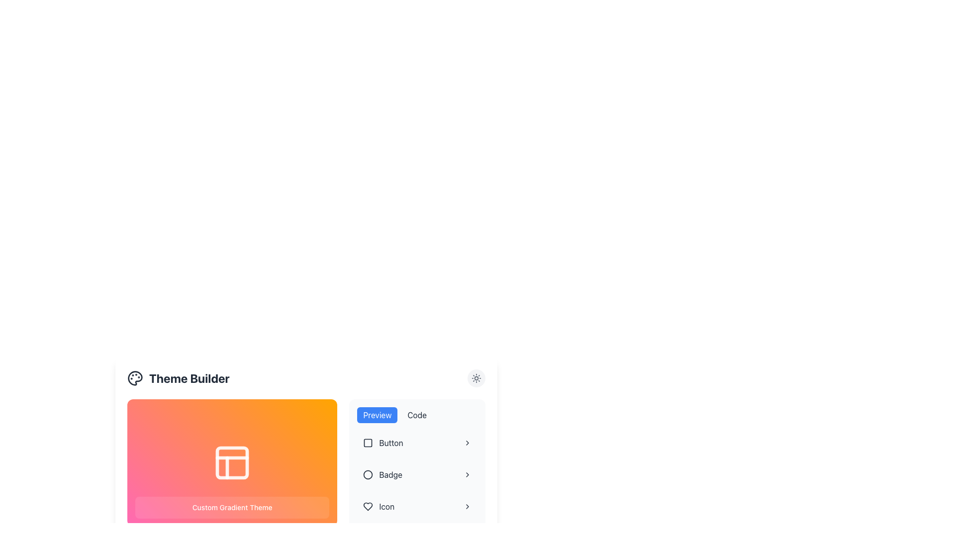 This screenshot has width=955, height=537. I want to click on the button labeled 'Code', which is a rectangular button with rounded edges positioned to the right of the 'Preview' button, so click(417, 415).